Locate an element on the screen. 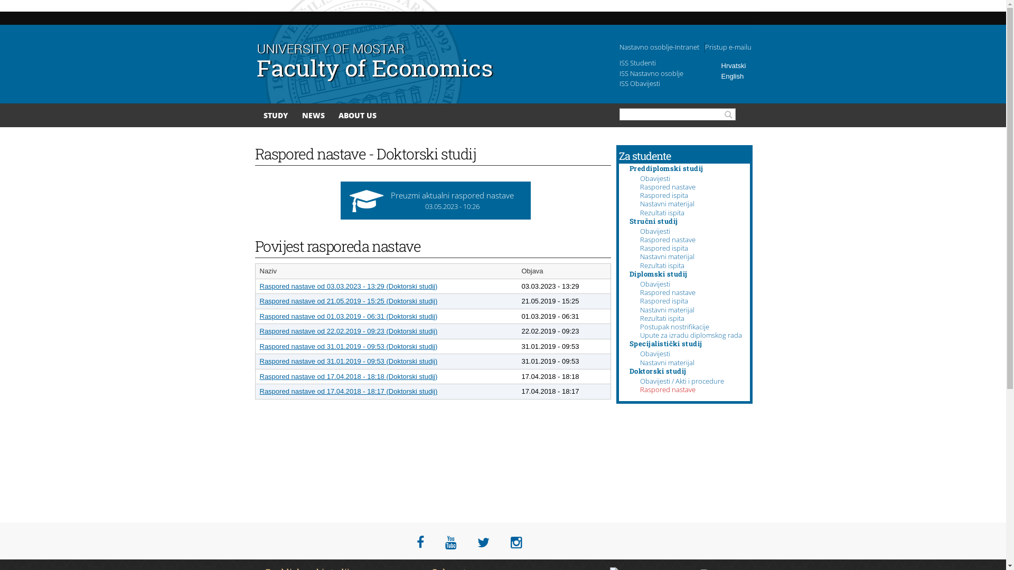 The image size is (1014, 570). 'Raspored nastave od 17.04.2018 - 18:18 (Doktorski studij)' is located at coordinates (349, 376).